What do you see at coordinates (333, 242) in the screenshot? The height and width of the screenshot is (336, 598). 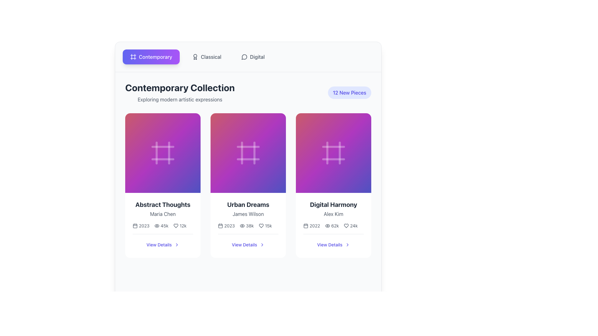 I see `the interactive button labeled 'View Details' with a purple font and a rightward pointing chevron icon, located at the bottom center of the 'Digital Harmony' card` at bounding box center [333, 242].